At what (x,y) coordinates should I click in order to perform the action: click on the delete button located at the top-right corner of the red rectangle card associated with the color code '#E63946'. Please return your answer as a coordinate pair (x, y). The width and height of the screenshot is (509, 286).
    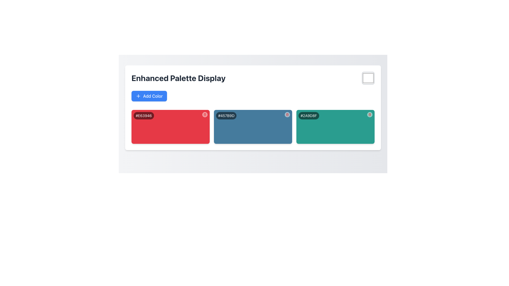
    Looking at the image, I should click on (204, 114).